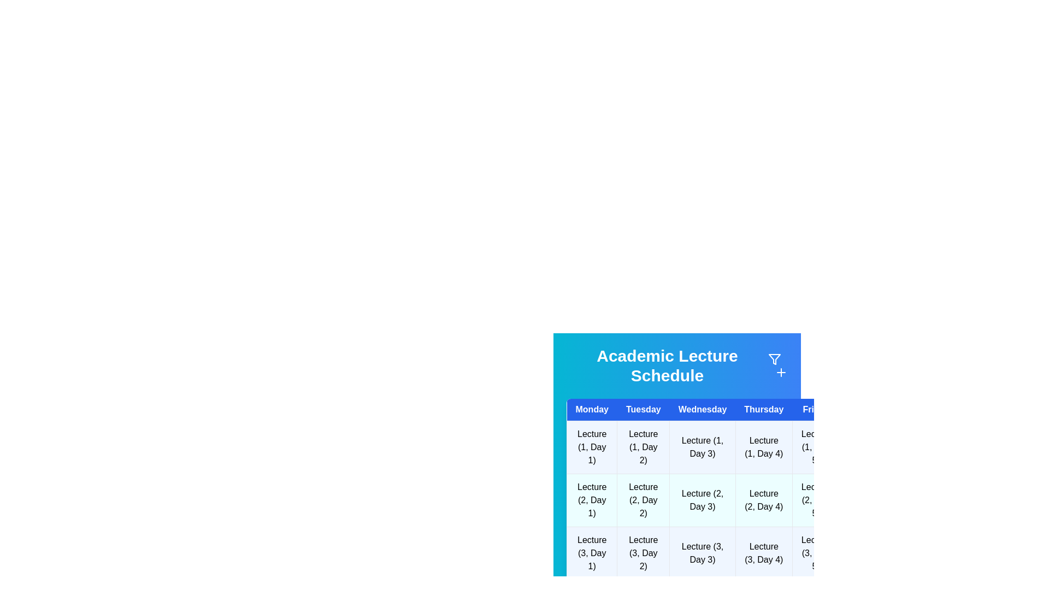 The image size is (1049, 590). Describe the element at coordinates (816, 410) in the screenshot. I see `the header for Friday to sort or filter the schedule by that day` at that location.